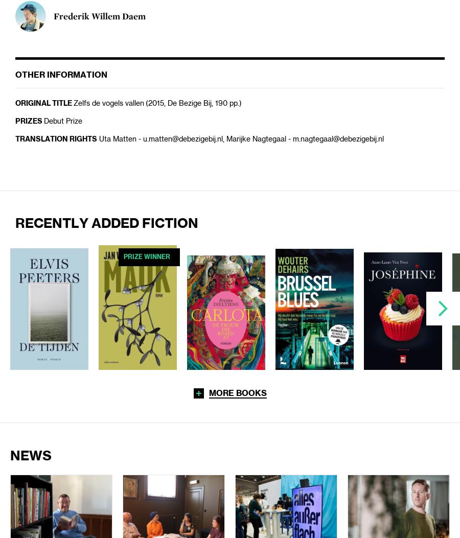  I want to click on 'Next', so click(443, 308).